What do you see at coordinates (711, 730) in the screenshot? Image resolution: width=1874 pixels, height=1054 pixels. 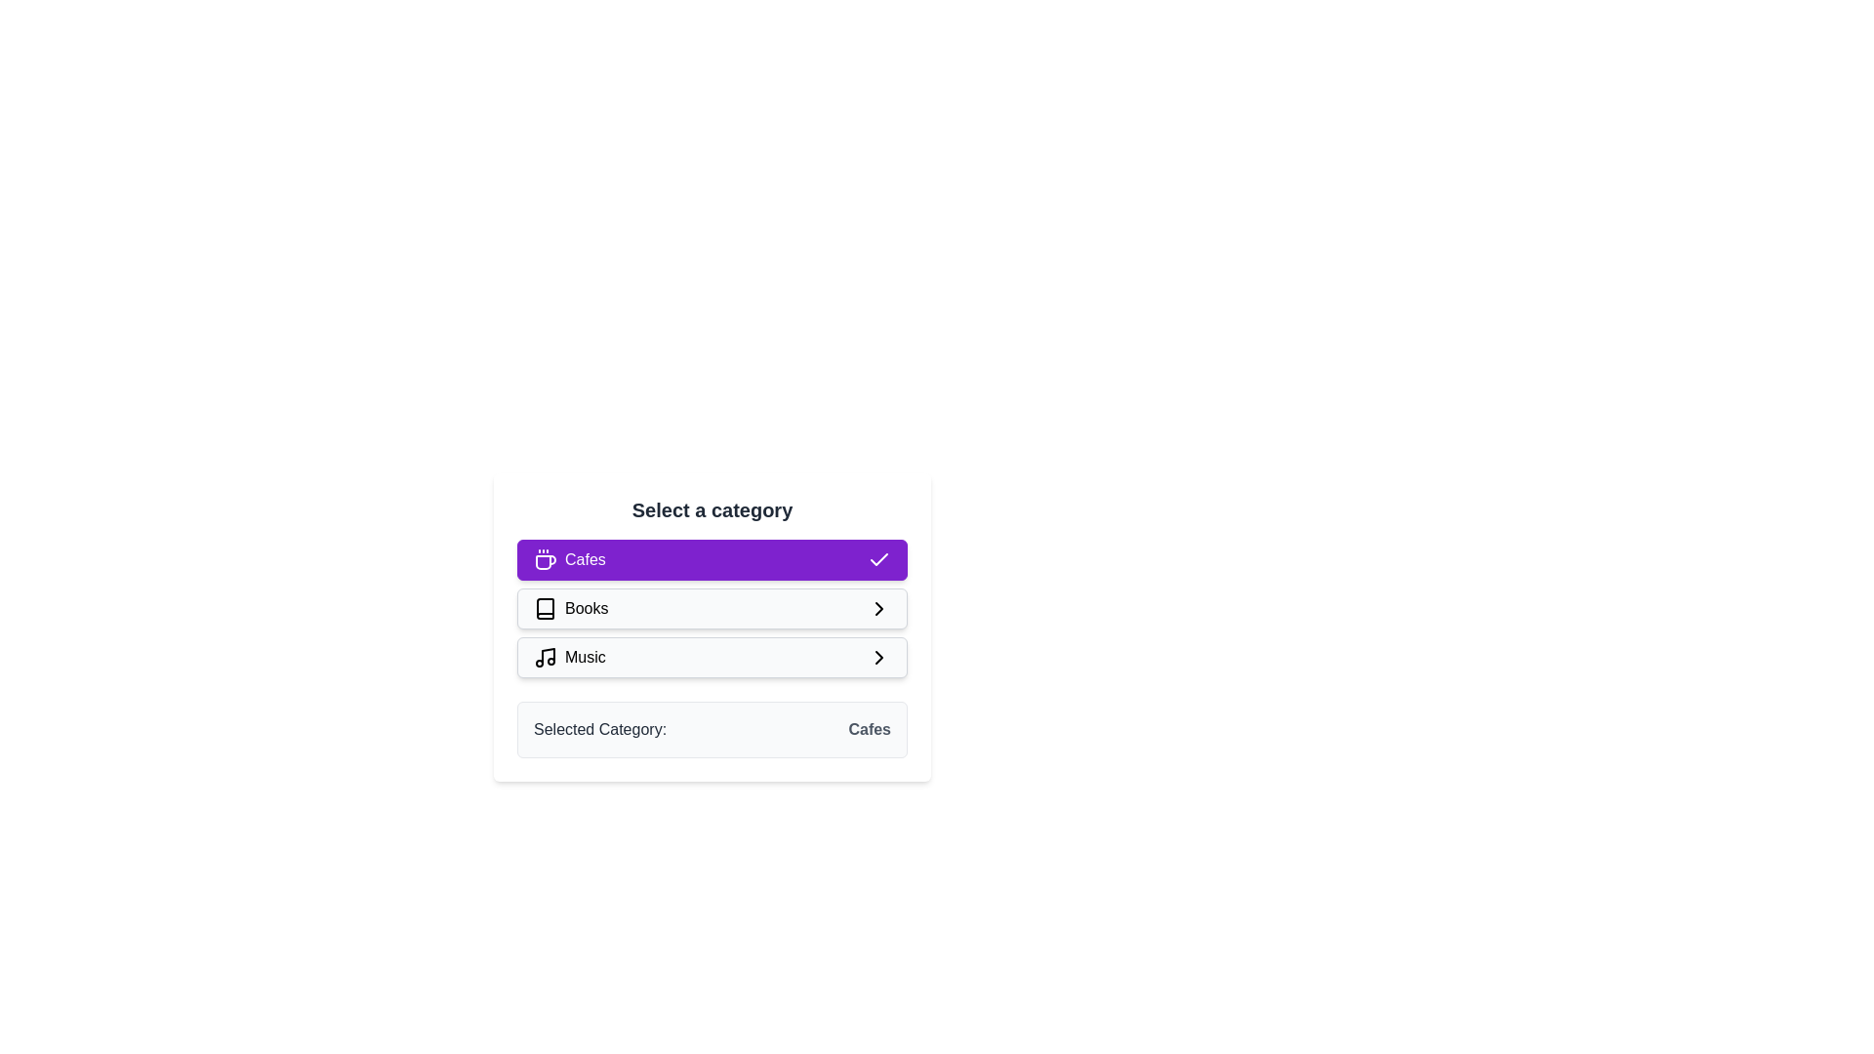 I see `the informational display box that shows 'Selected Category: Cafes' located at the bottom of the category selection interface` at bounding box center [711, 730].